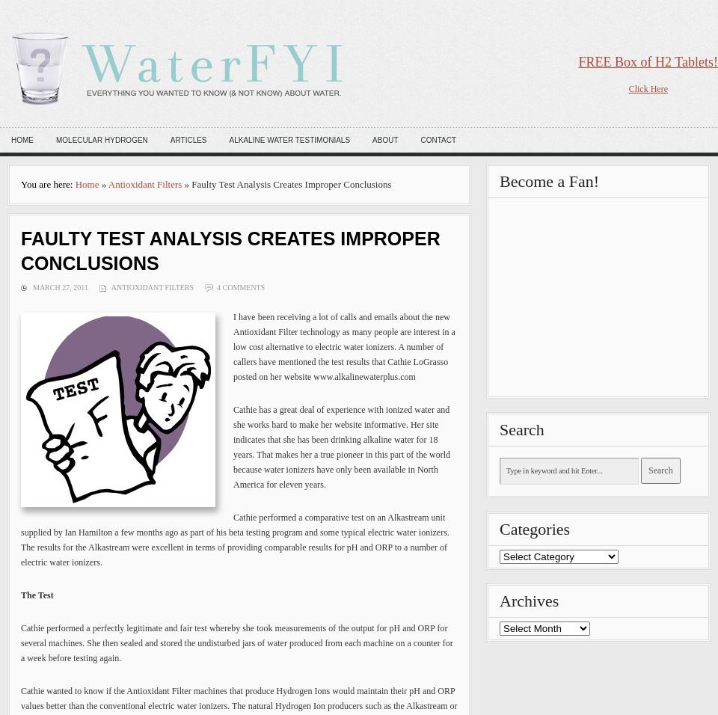  I want to click on 'I have been receiving a lot of calls and emails about the new Antioxidant Filter technology as many people are interest in a low cost alternative to electric water ionizers.  A number of callers have mentioned the test results that Cathie LoGrasso posted on her website www.alkalinewaterplus.com', so click(344, 347).